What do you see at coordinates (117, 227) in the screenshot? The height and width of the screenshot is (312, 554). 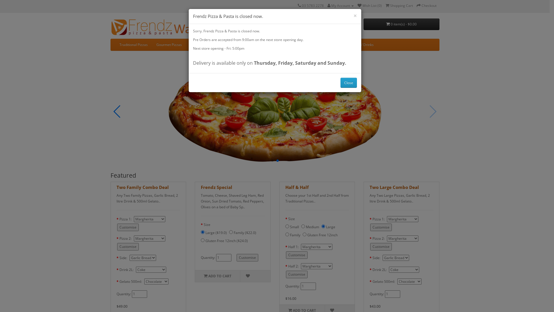 I see `'Customise'` at bounding box center [117, 227].